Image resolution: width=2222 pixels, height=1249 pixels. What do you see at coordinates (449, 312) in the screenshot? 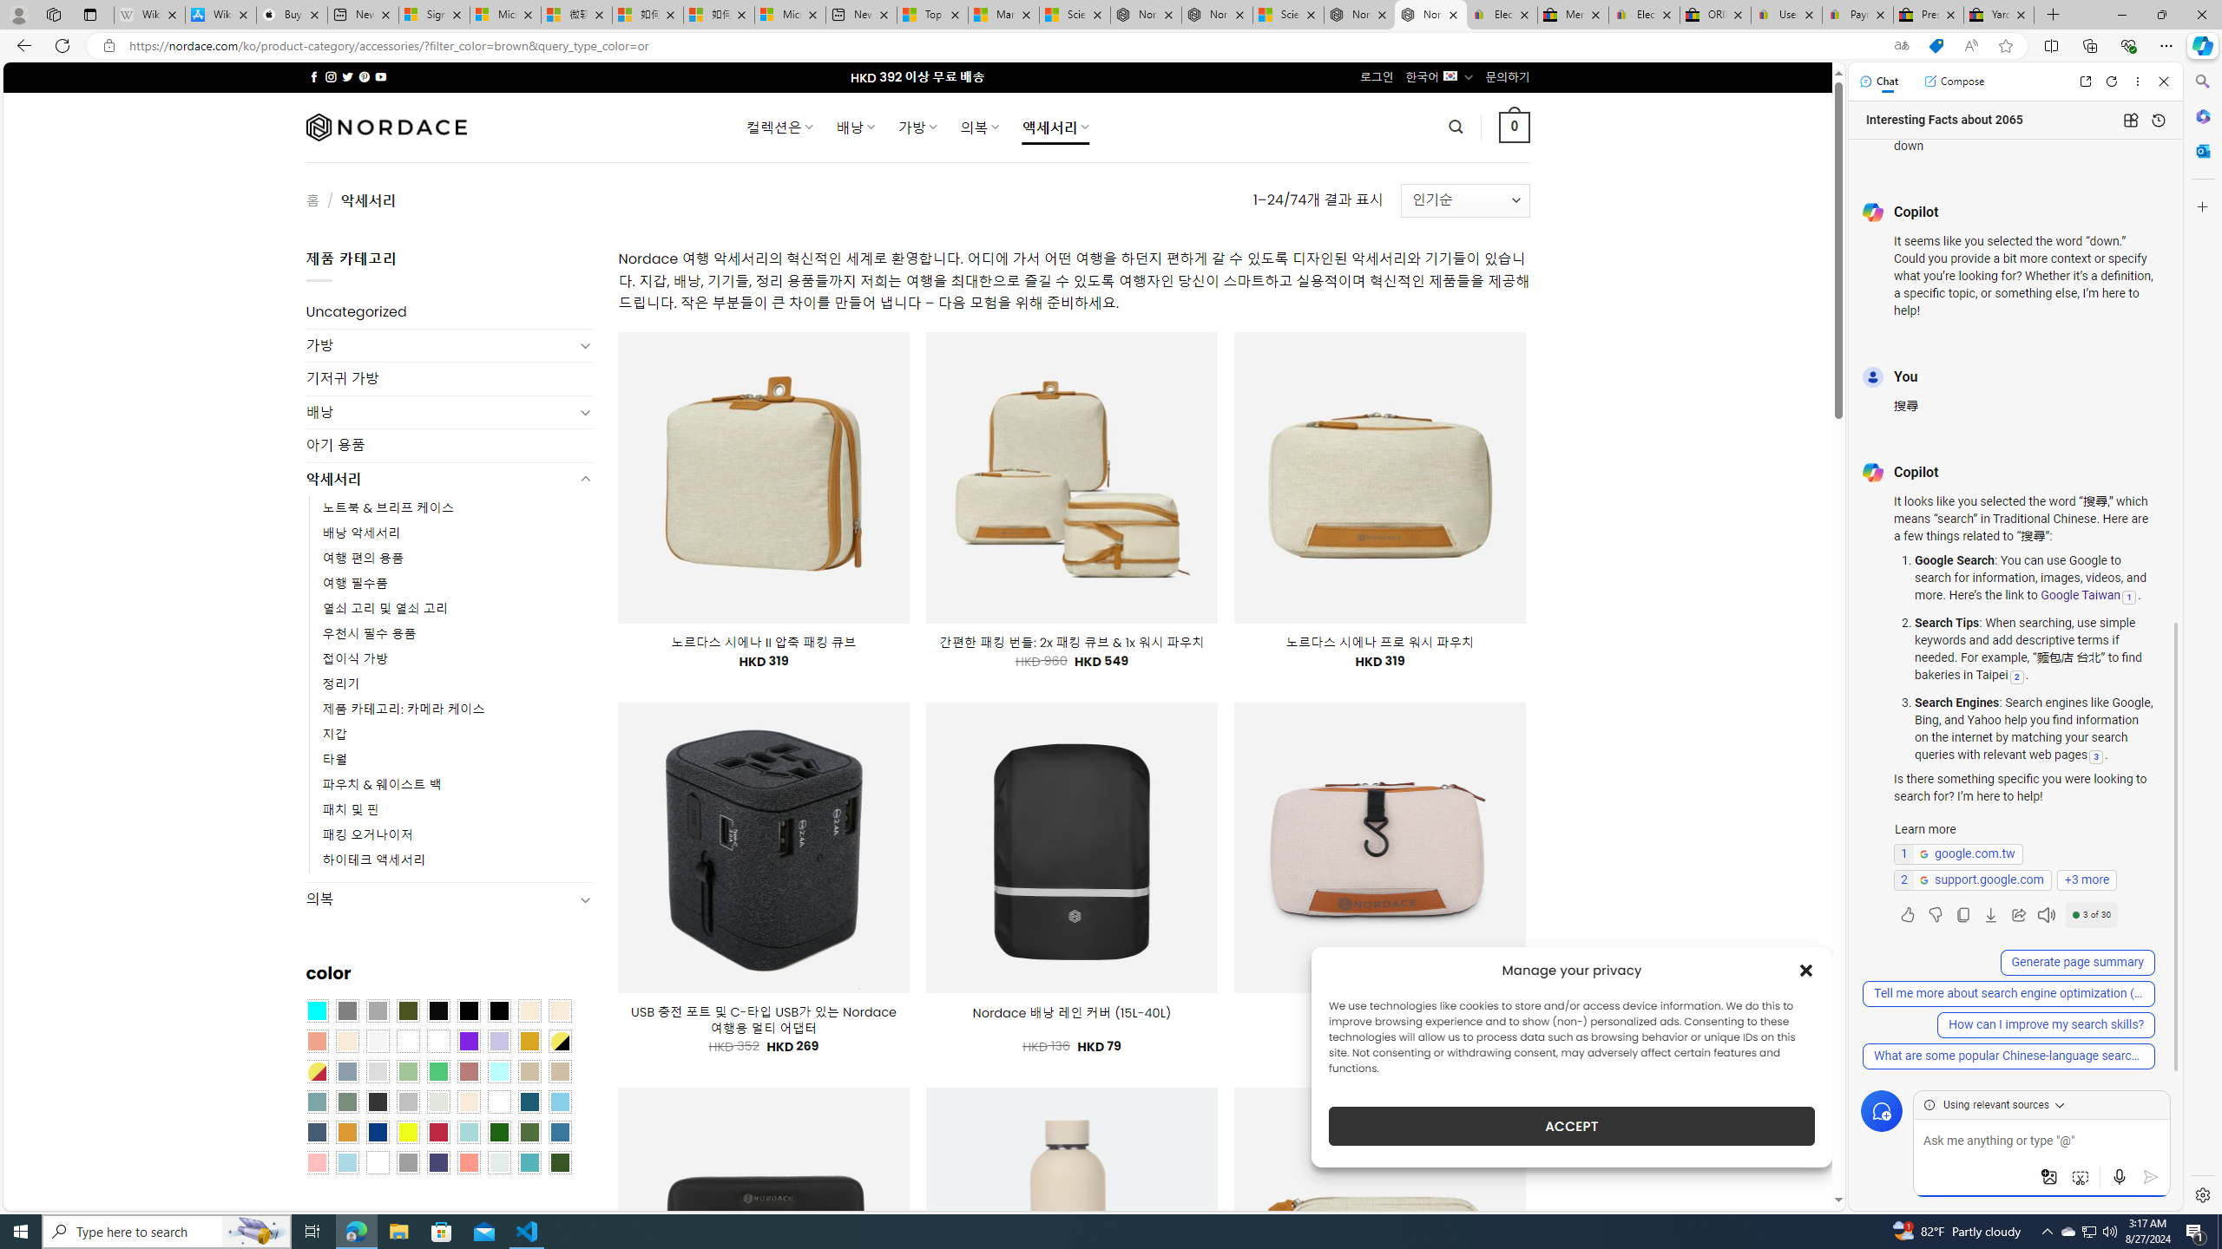
I see `'Uncategorized'` at bounding box center [449, 312].